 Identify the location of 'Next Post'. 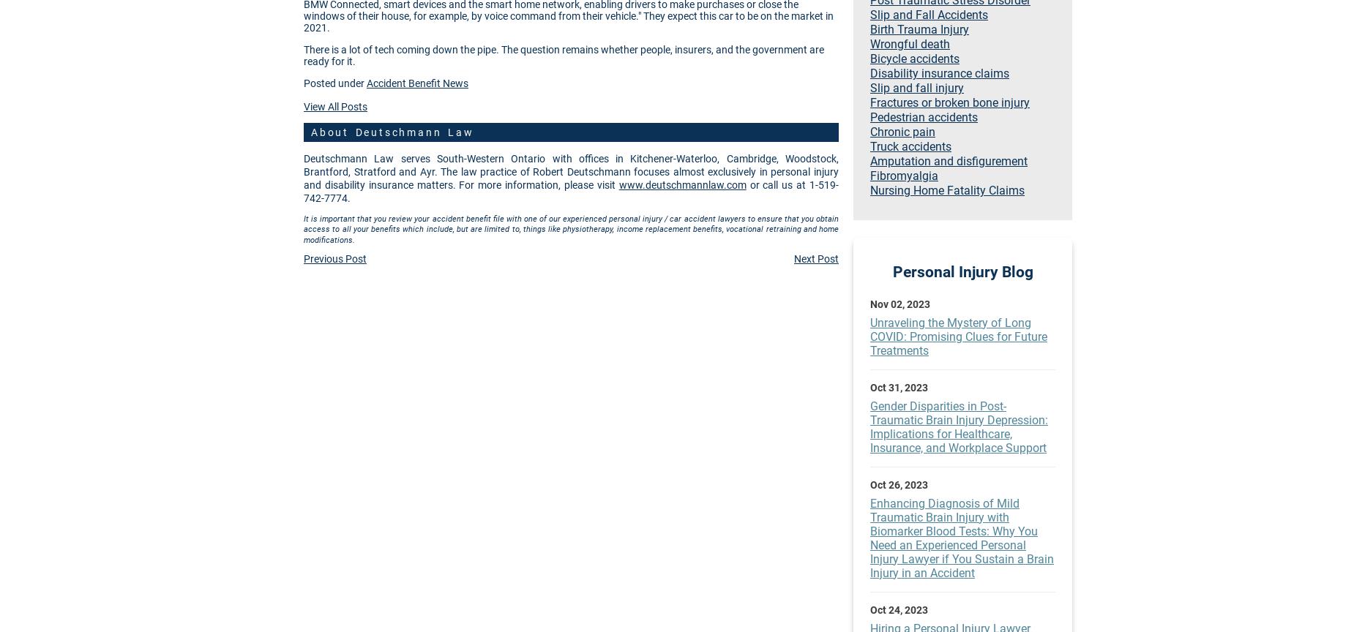
(815, 257).